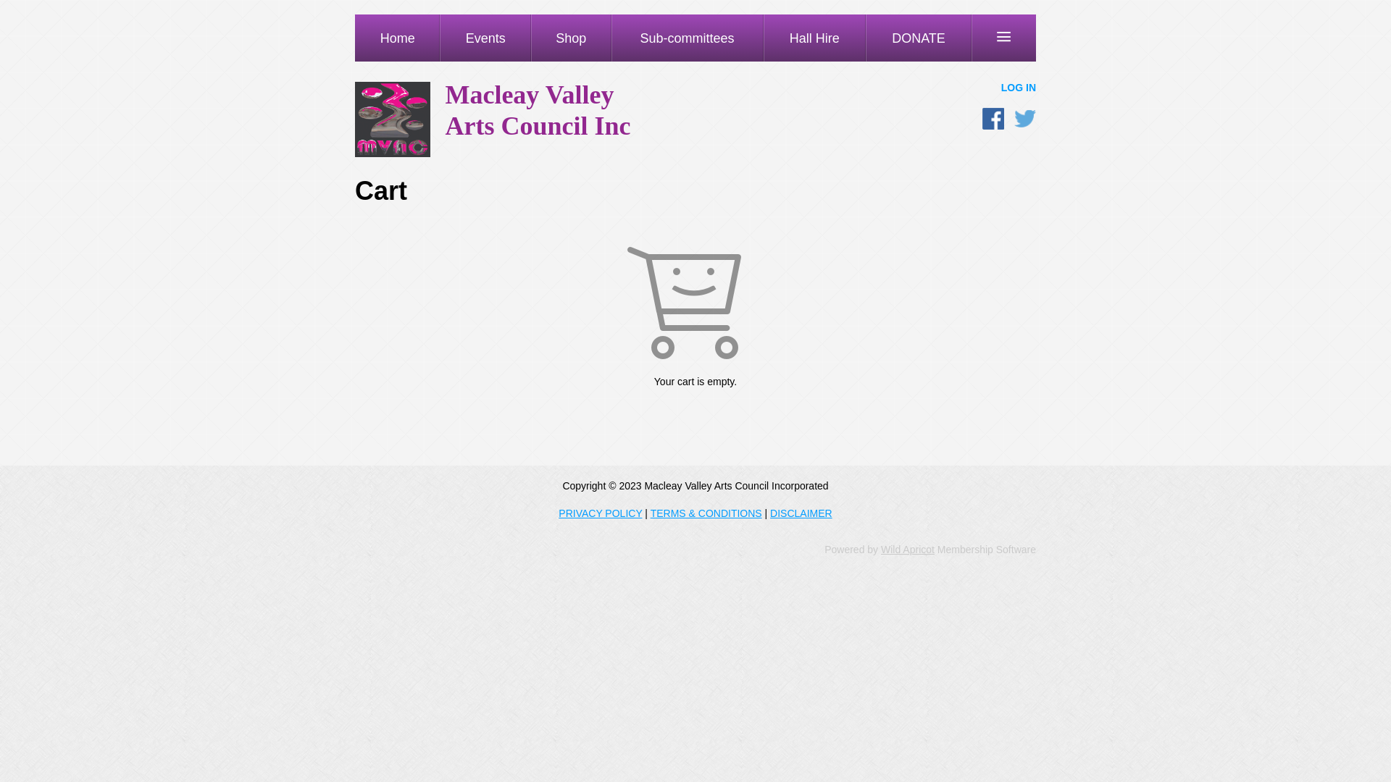 Image resolution: width=1391 pixels, height=782 pixels. Describe the element at coordinates (570, 37) in the screenshot. I see `'Shop'` at that location.